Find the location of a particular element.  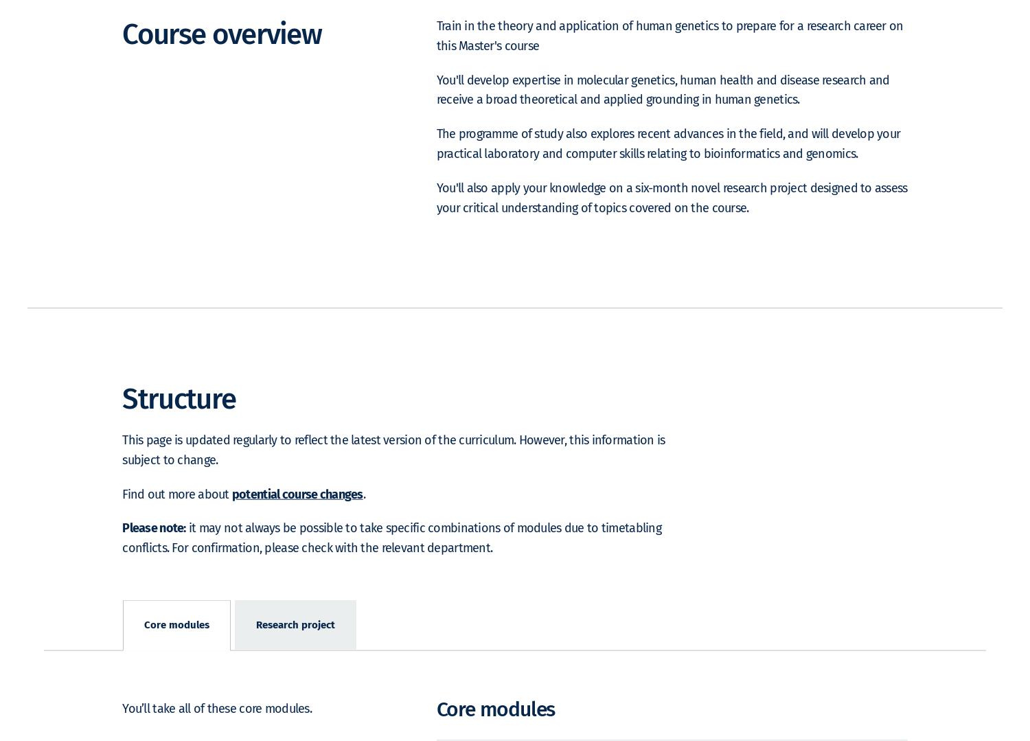

'The programme of study also explores recent advances in the field, and will develop your practical laboratory and computer skills relating to bioinformatics and genomics.' is located at coordinates (667, 163).